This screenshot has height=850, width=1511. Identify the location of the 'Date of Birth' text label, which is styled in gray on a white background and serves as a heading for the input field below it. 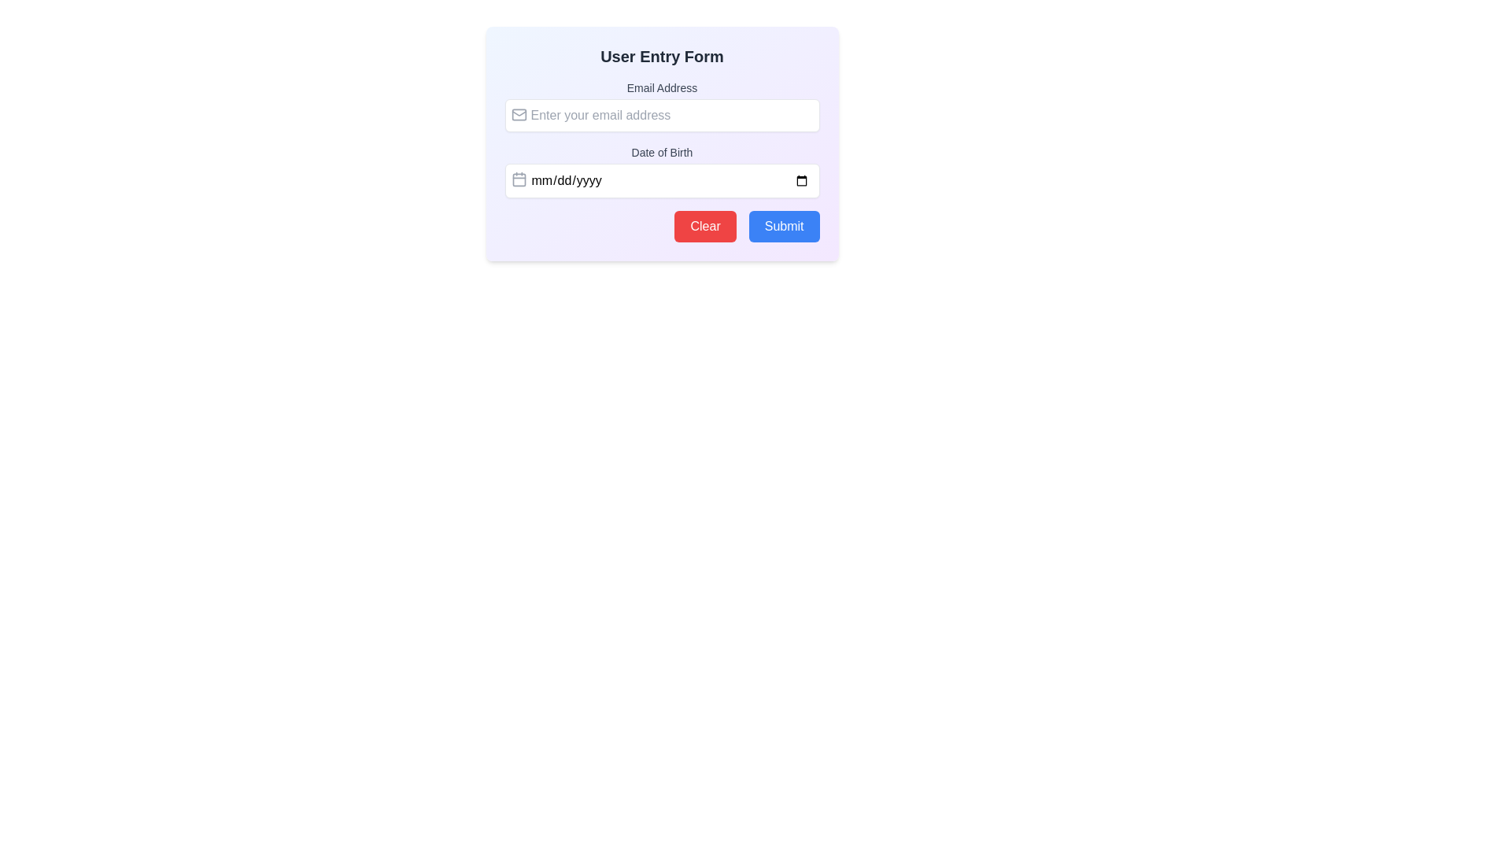
(662, 152).